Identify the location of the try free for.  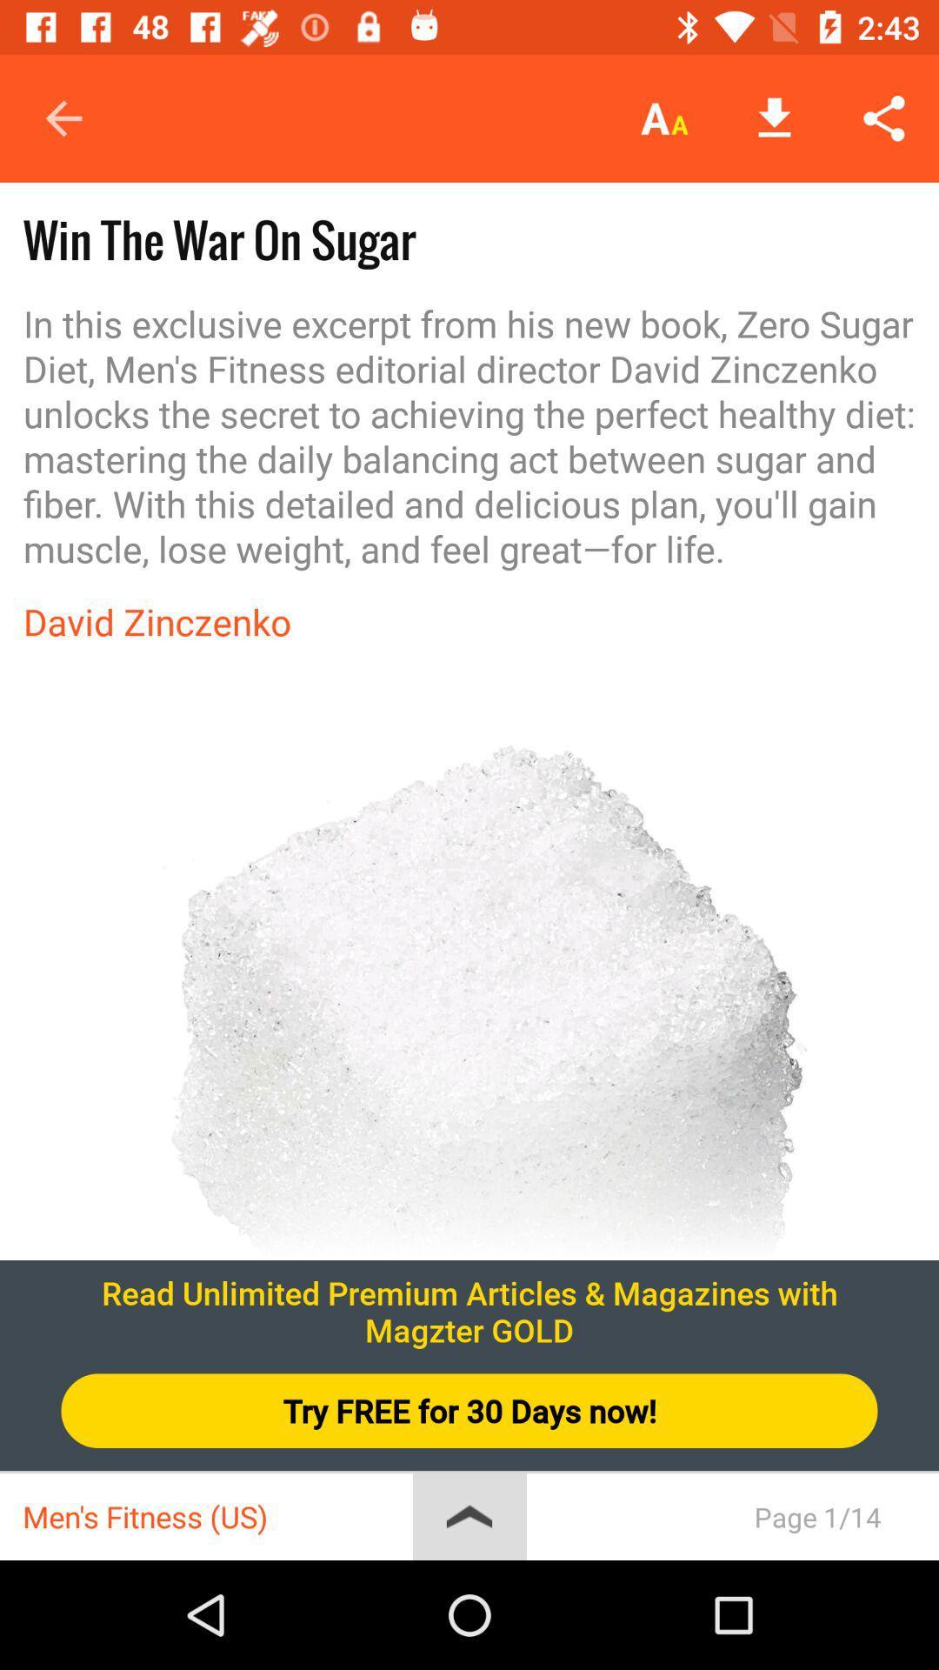
(469, 1411).